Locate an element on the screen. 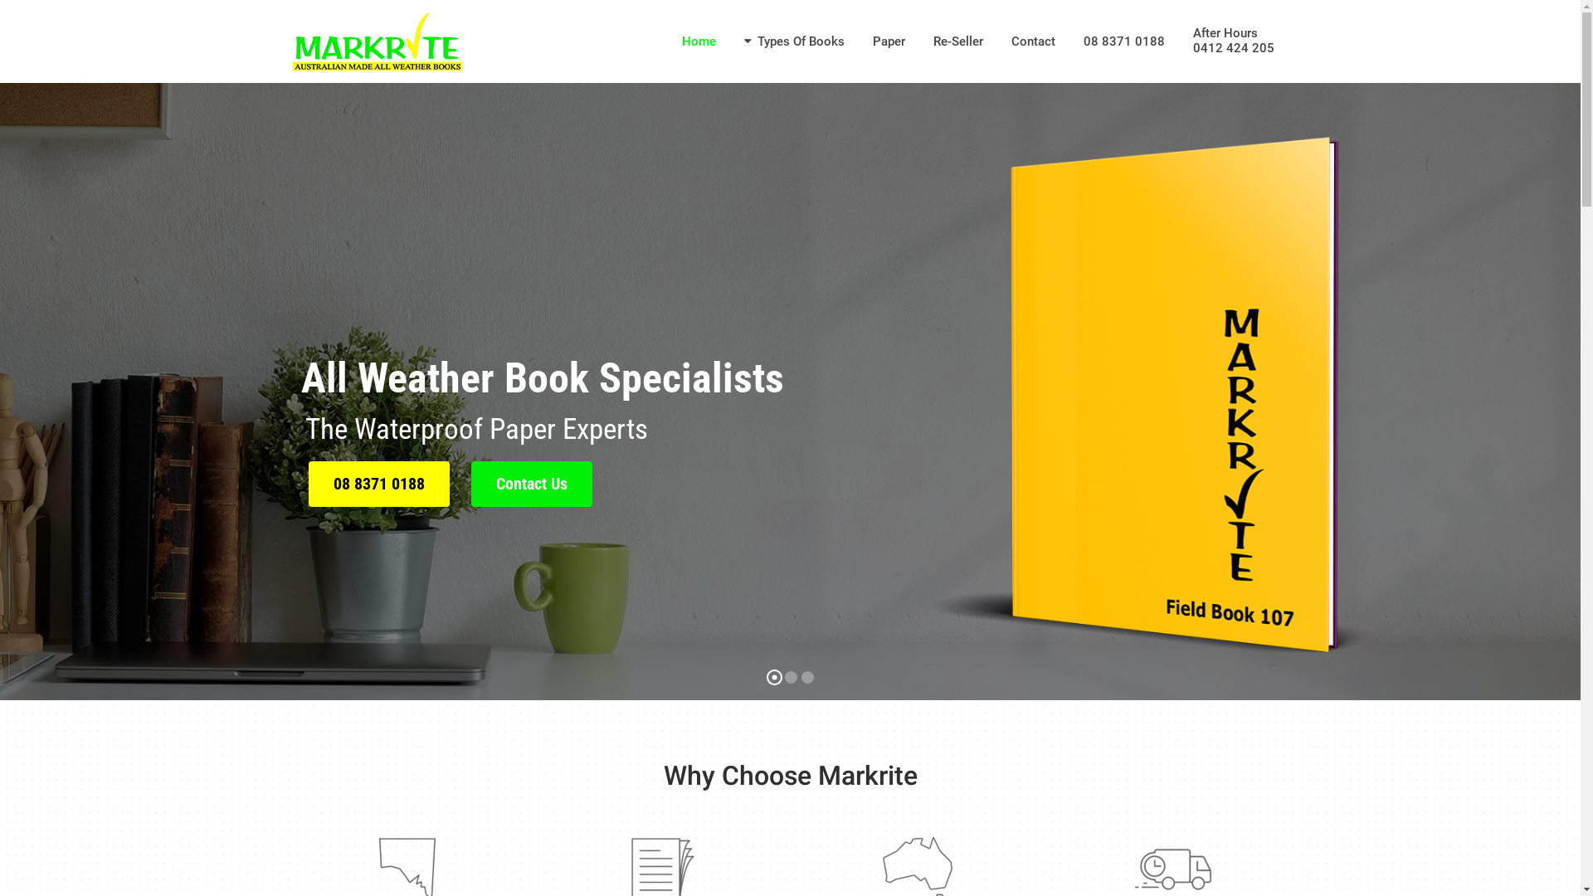 Image resolution: width=1593 pixels, height=896 pixels. 'Home' is located at coordinates (698, 41).